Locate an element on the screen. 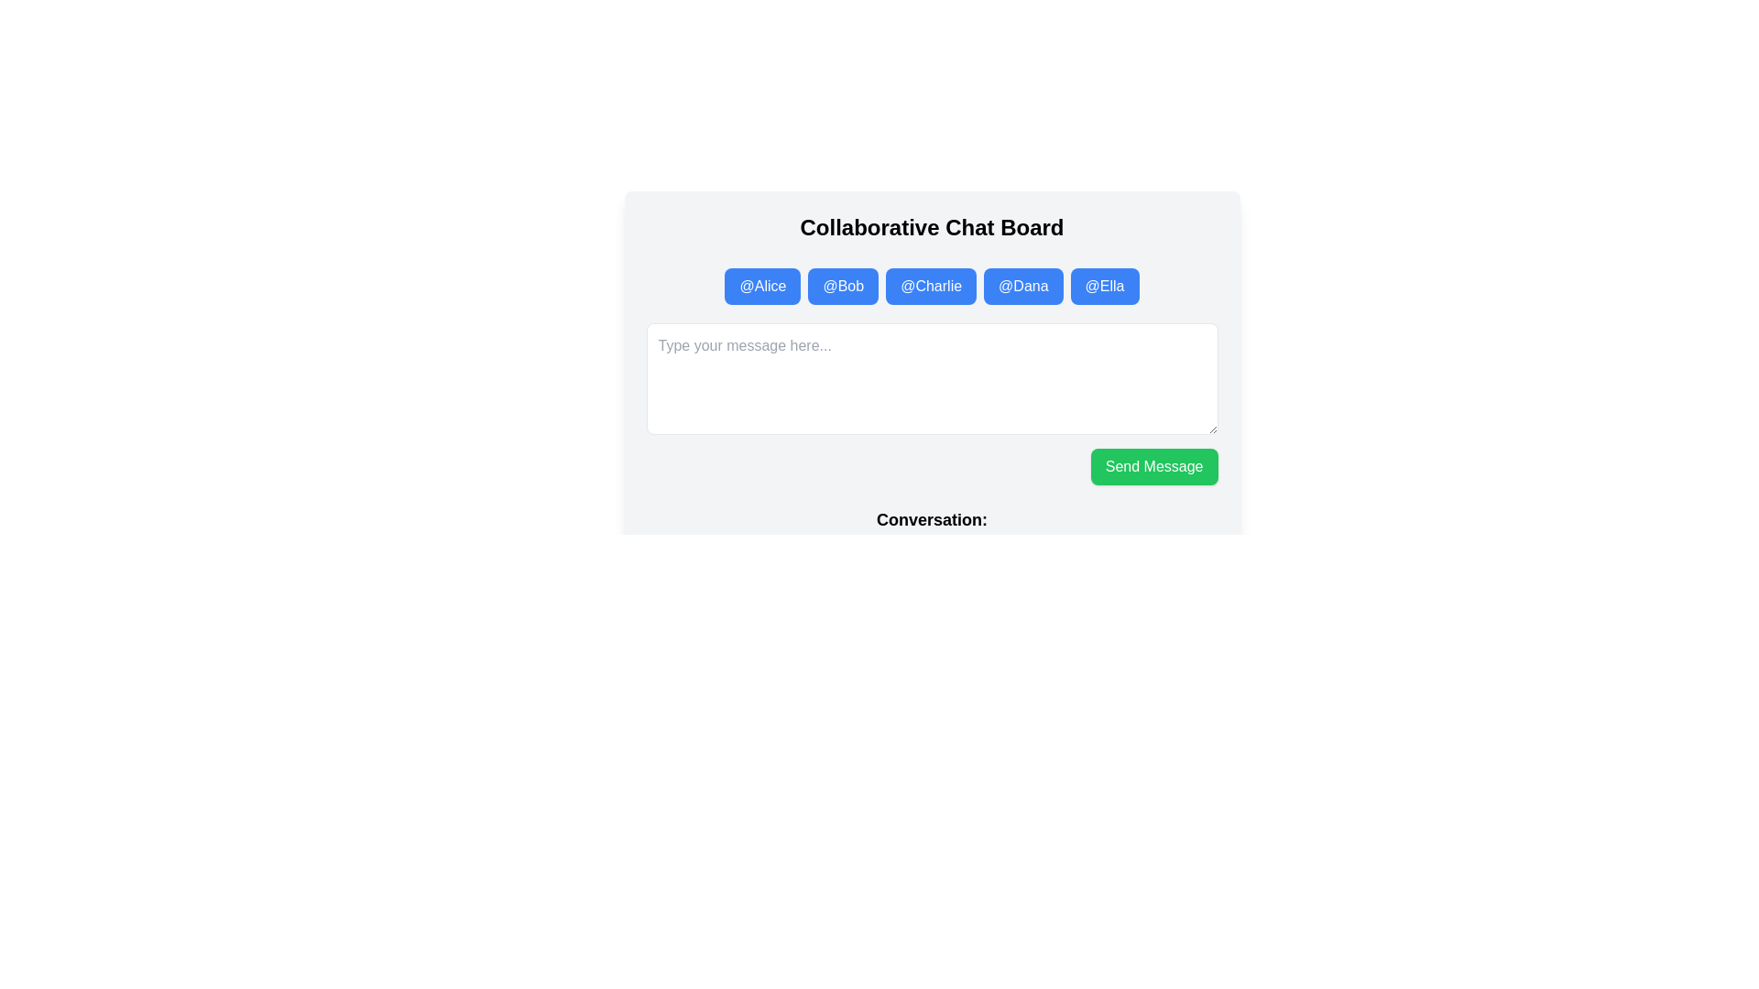 The height and width of the screenshot is (989, 1759). the blue button with rounded corners labeled '@Ella' is located at coordinates (1104, 286).